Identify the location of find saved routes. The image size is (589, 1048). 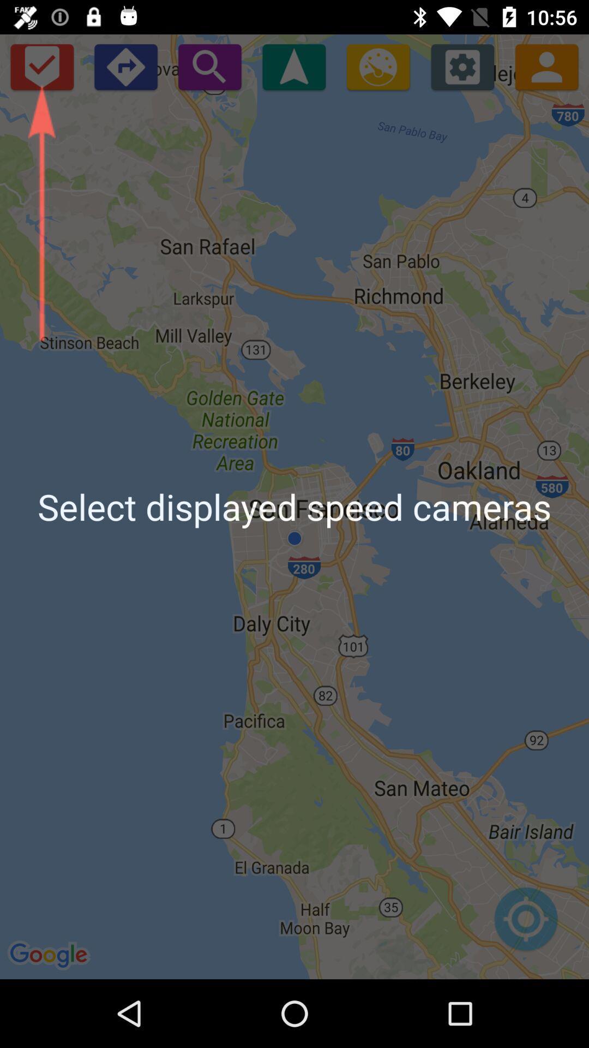
(41, 66).